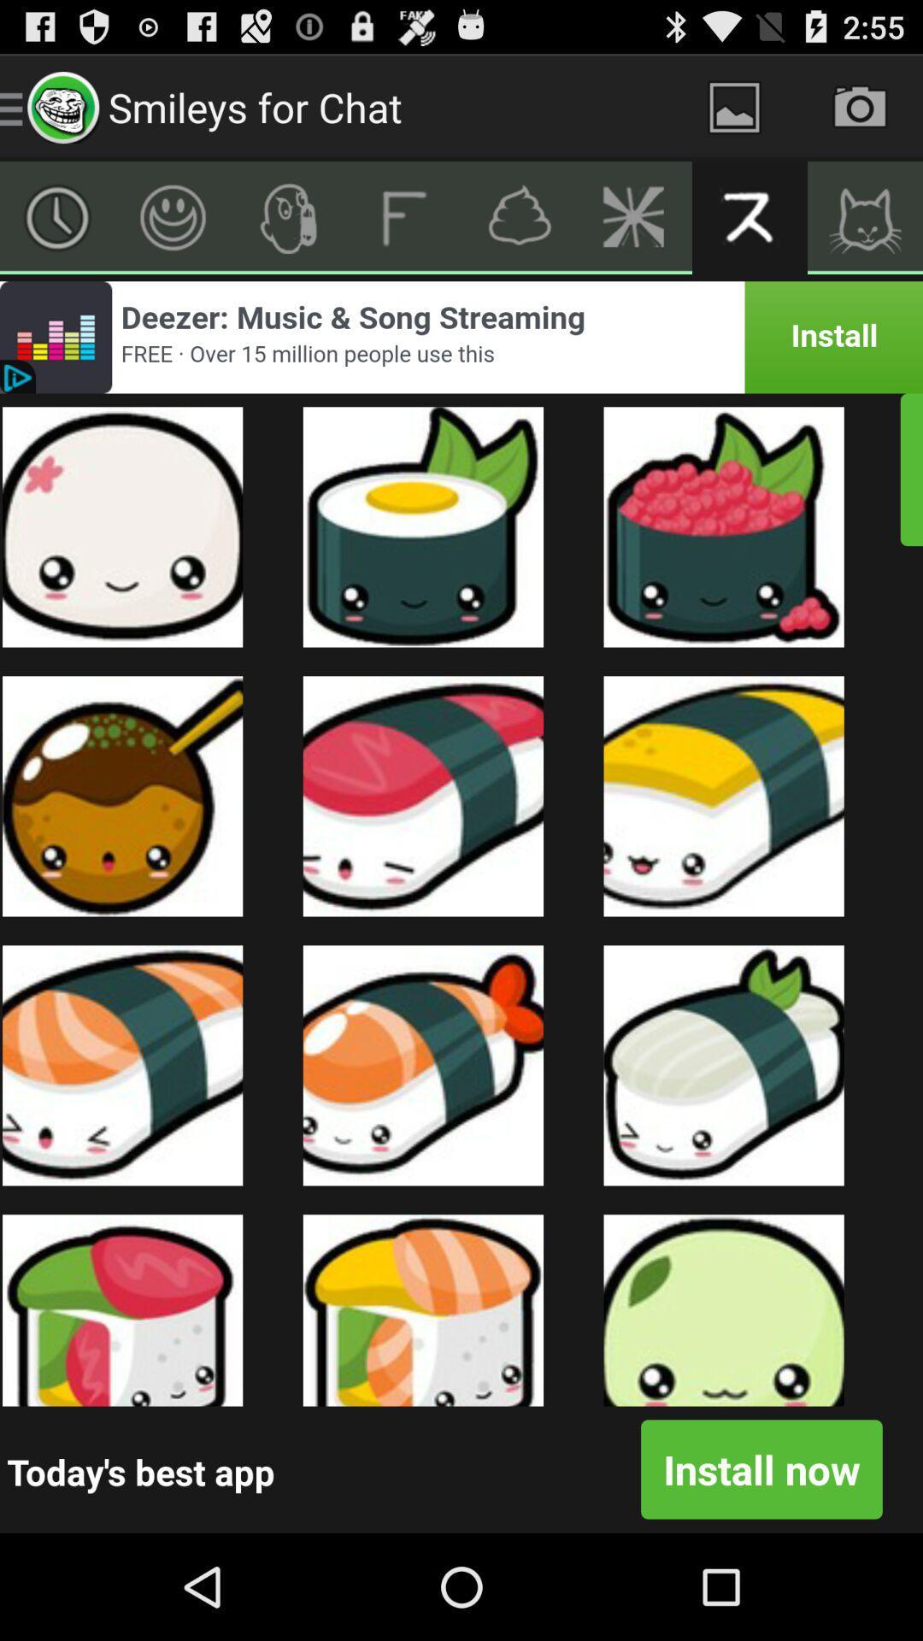 The image size is (923, 1641). Describe the element at coordinates (733, 106) in the screenshot. I see `photos button` at that location.